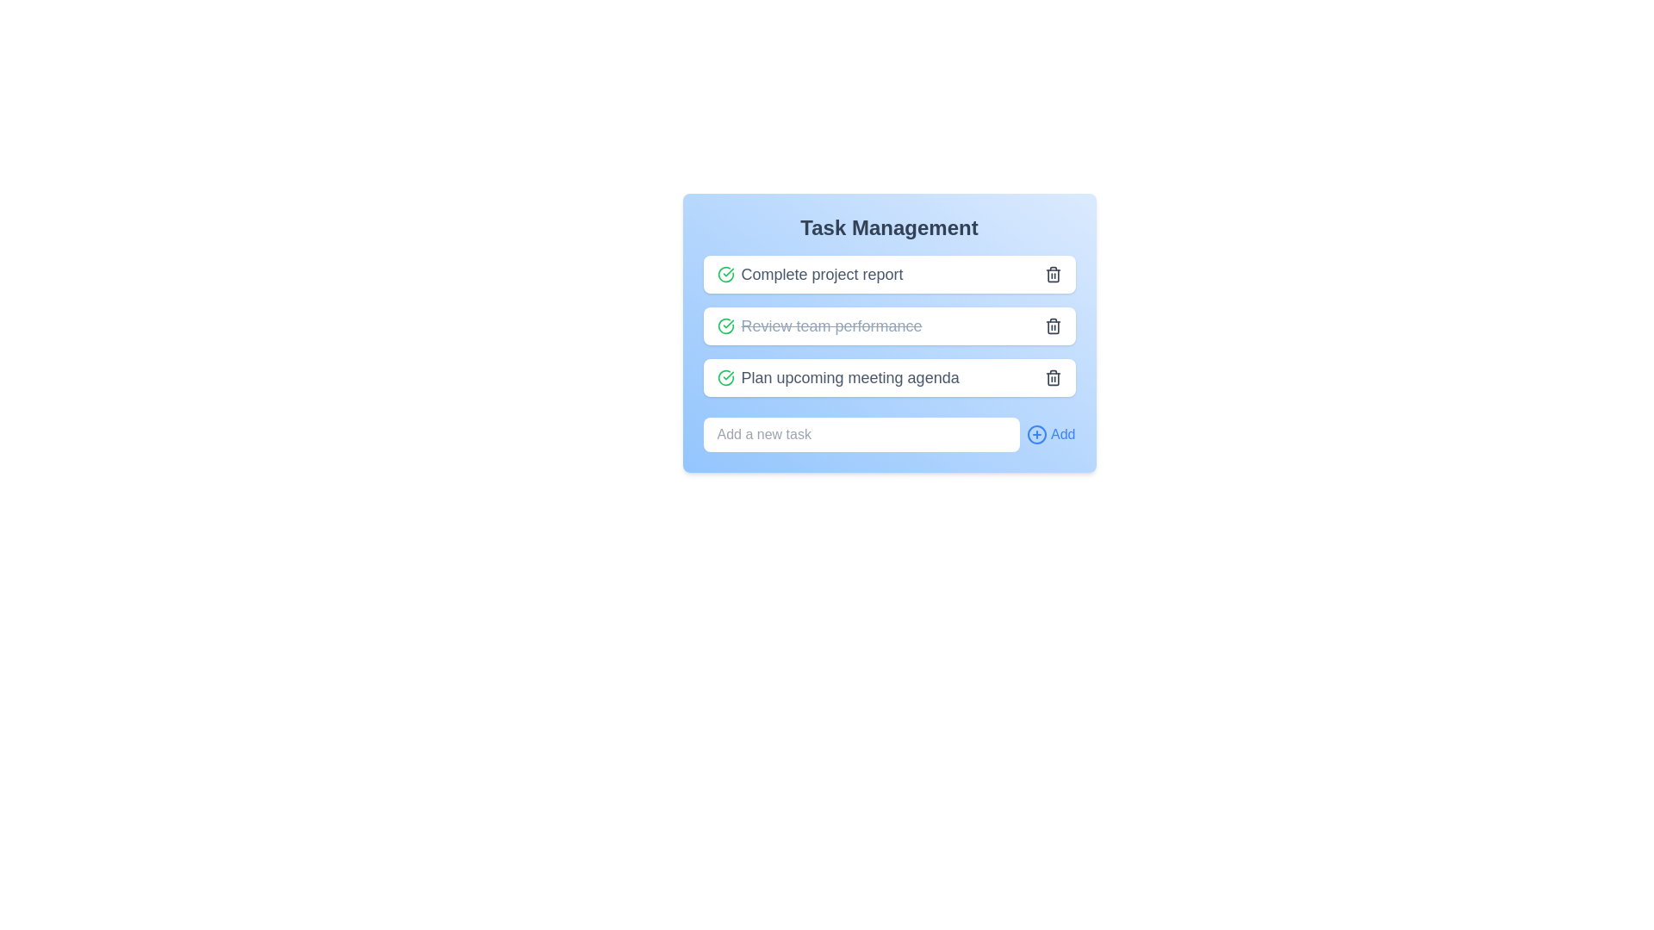  I want to click on the static text label displaying the title 'Plan upcoming meeting agenda' in the task management system, which is the third task in the list under 'Task Management.', so click(850, 377).